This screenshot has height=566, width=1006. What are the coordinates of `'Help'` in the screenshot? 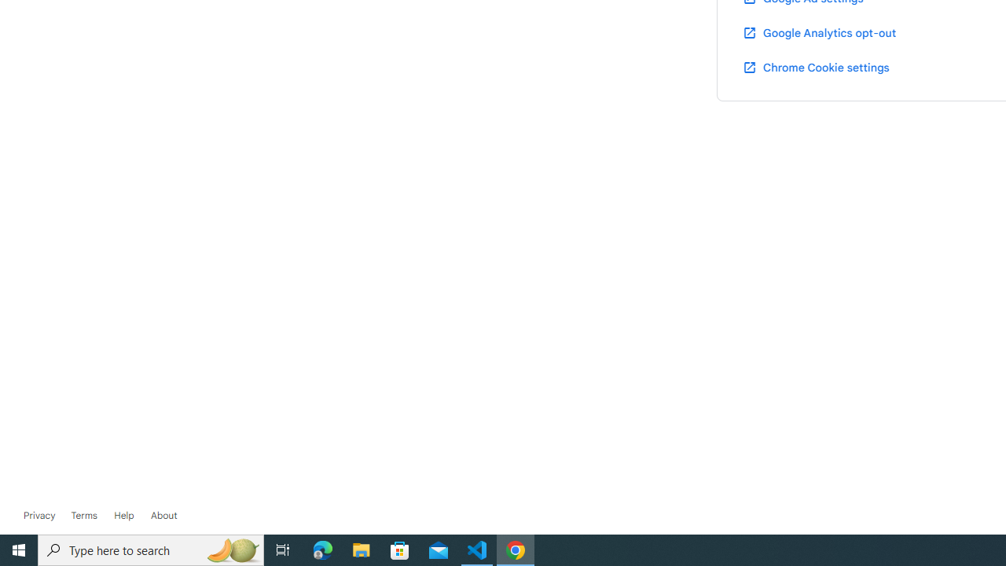 It's located at (123, 515).